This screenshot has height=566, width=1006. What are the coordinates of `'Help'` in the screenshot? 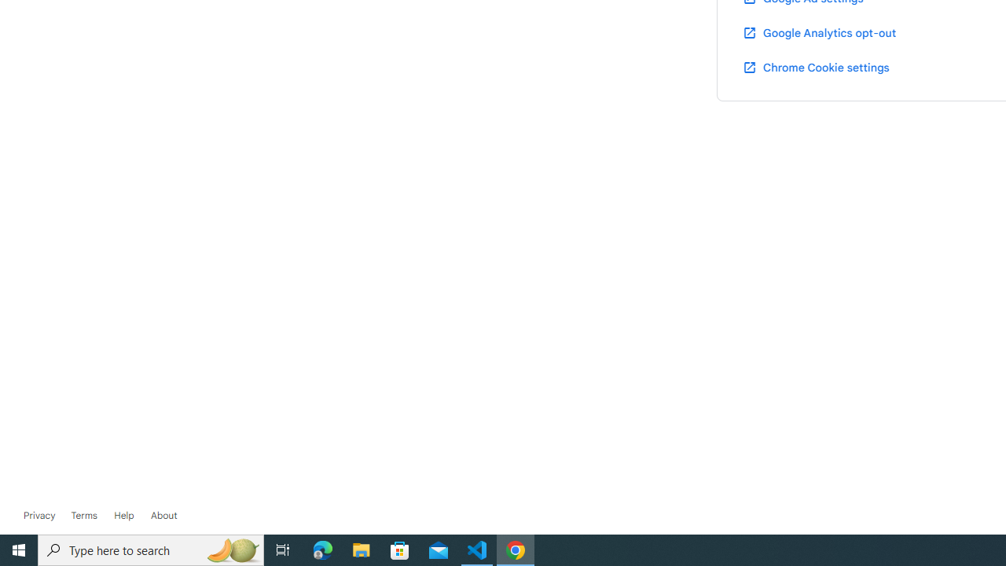 It's located at (123, 515).